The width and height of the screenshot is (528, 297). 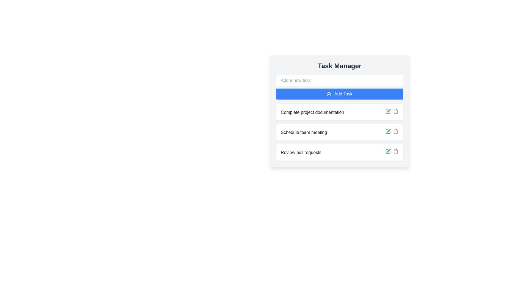 What do you see at coordinates (388, 152) in the screenshot?
I see `the leftmost icon in the inline group of two icons within the 'Review pull requests' task item in the task manager interface, which has a rounded square outline and a matching stroke color` at bounding box center [388, 152].